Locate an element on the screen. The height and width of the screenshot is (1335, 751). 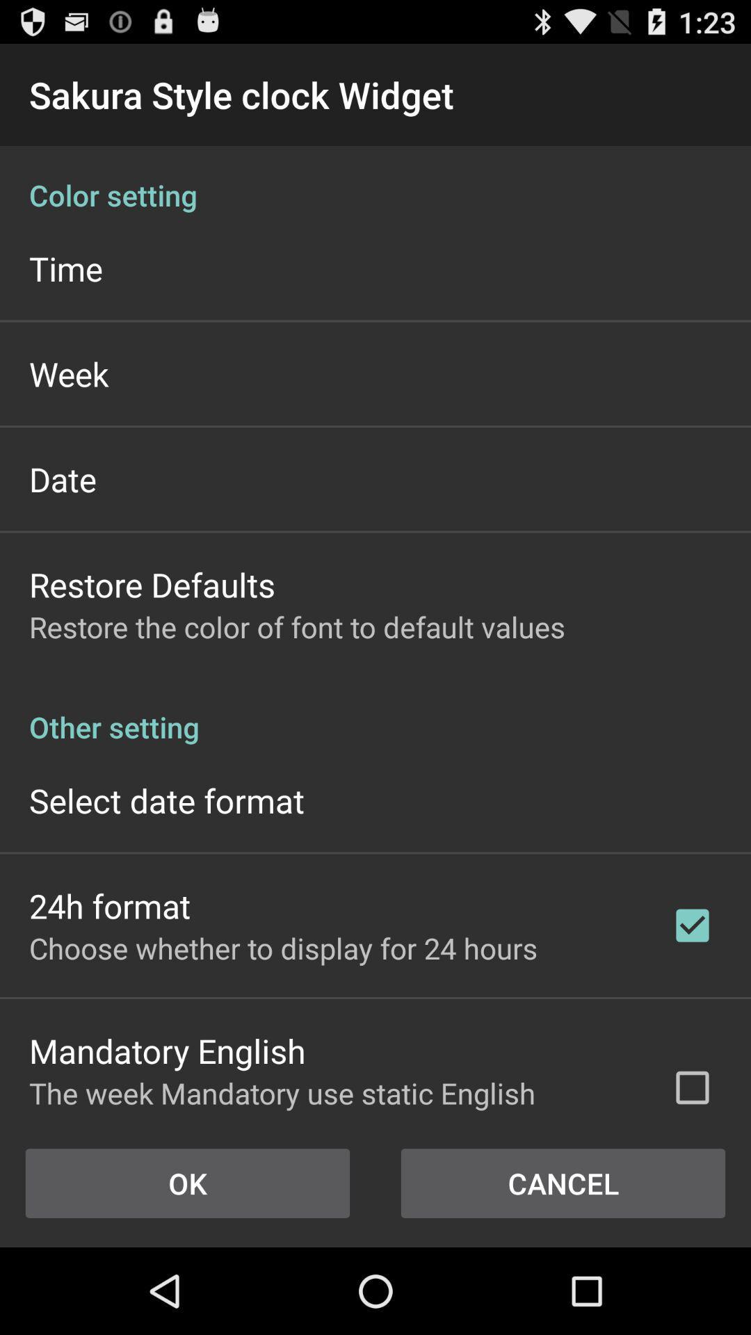
the ok item is located at coordinates (188, 1183).